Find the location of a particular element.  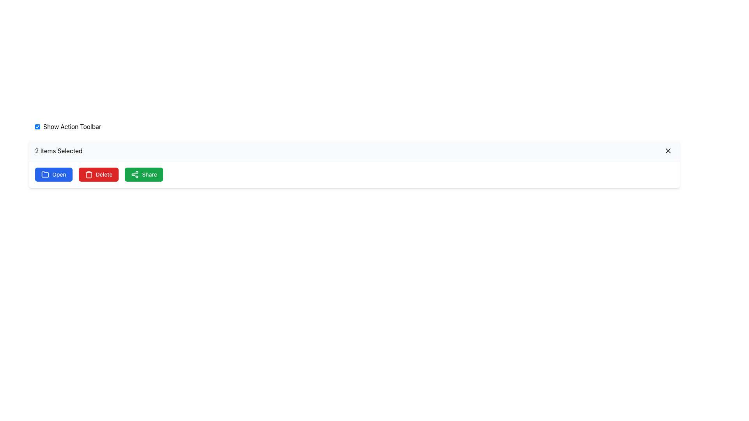

the 'Open' button located in the toolbar section beneath '2 Items Selected' is located at coordinates (53, 174).